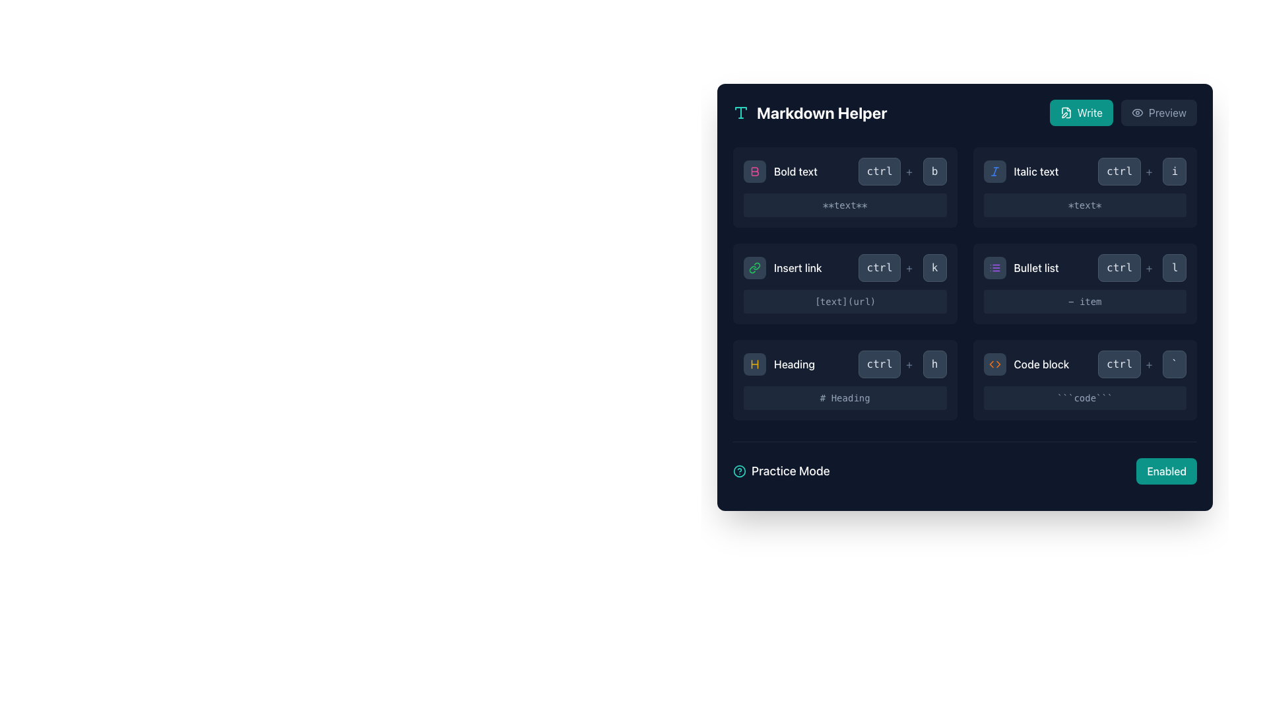 The image size is (1267, 713). What do you see at coordinates (755, 170) in the screenshot?
I see `the bold text icon, which resembles a stylized uppercase 'B' and is located in the first option box on the top-left corner of the interface` at bounding box center [755, 170].